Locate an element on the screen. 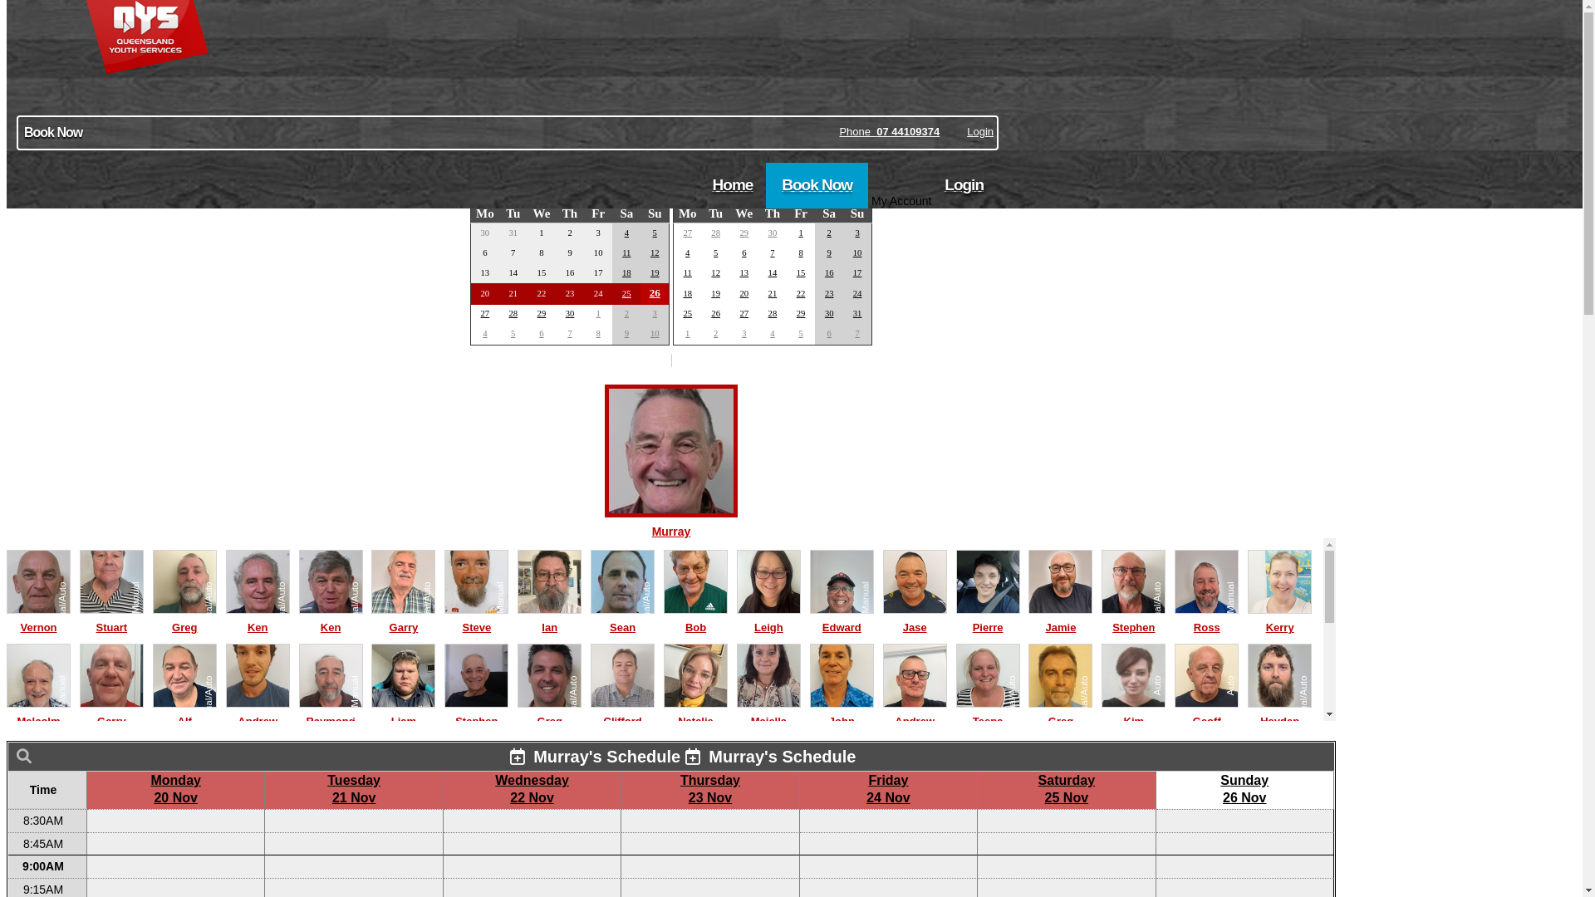 This screenshot has width=1595, height=897. 'Stuart is located at coordinates (110, 619).